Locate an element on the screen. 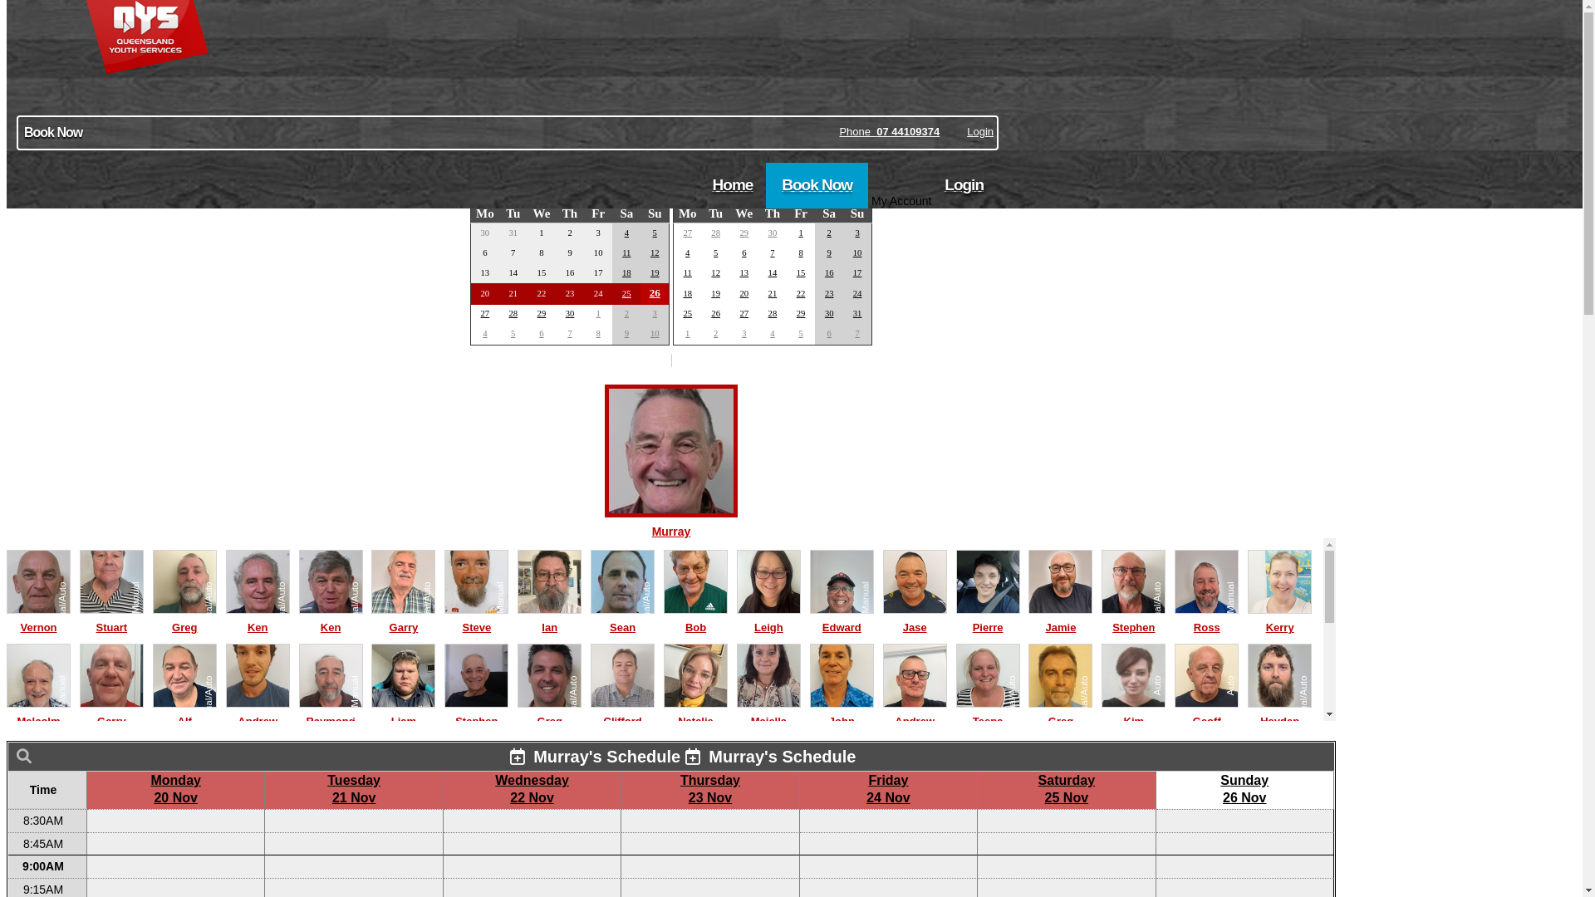 This screenshot has width=1595, height=897. 'Stuart is located at coordinates (110, 619).